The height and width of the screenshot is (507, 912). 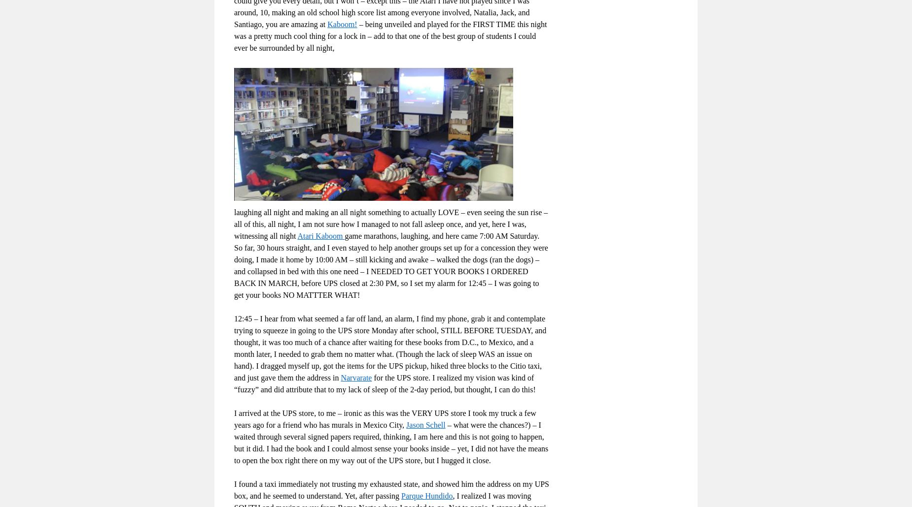 What do you see at coordinates (390, 265) in the screenshot?
I see `'game marathons, laughing, and here came 7:00 AM Saturday. So far, 30 hours straight, and I even stayed to help another groups set up for a concession they were doing, I made it home by 10:00 AM – still kicking and awake – walked the dogs (ran the dogs) – and collapsed in bed with this one need – I NEEDED TO GET YOUR BOOKS I ORDERED BACK IN MARCH, before UPS closed at 2:30 PM, so I set my alarm for 12:45 – I was going to get your books NO MATTTER WHAT!'` at bounding box center [390, 265].